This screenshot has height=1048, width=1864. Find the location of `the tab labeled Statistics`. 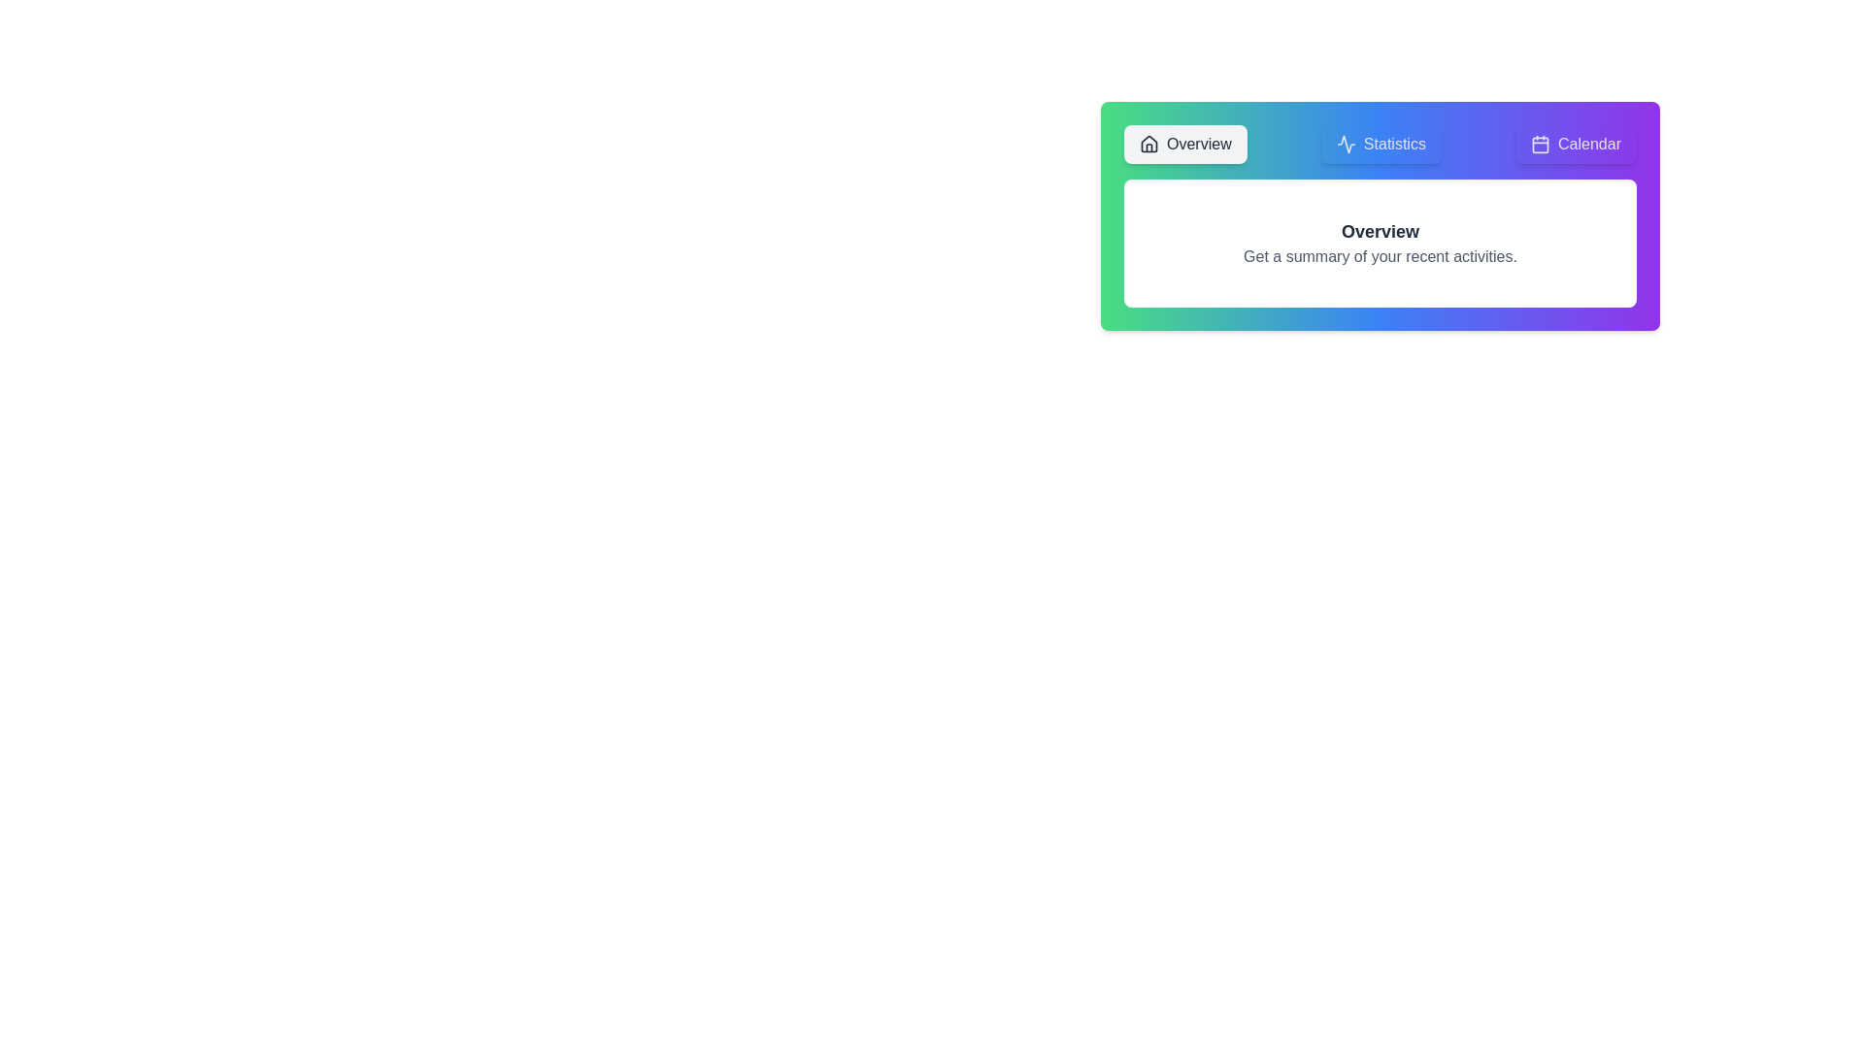

the tab labeled Statistics is located at coordinates (1379, 144).